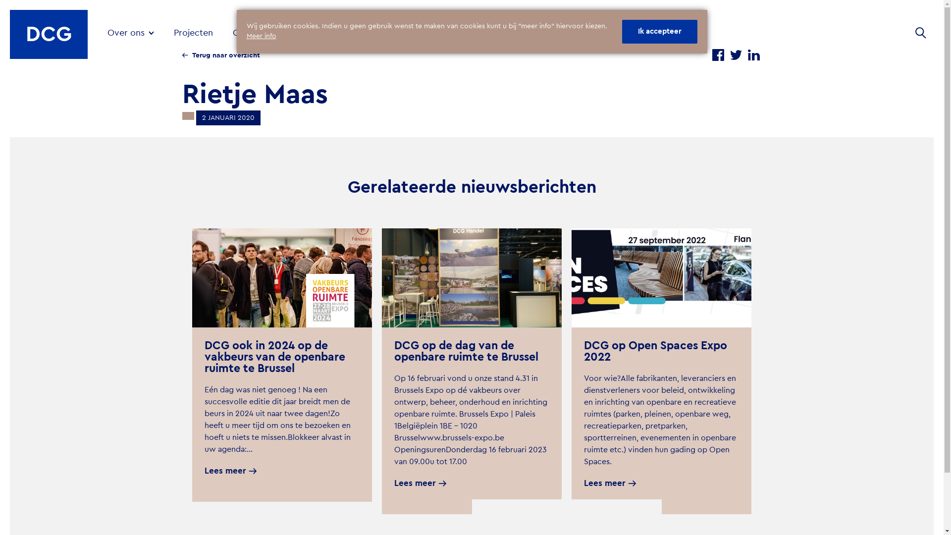 This screenshot has width=951, height=535. Describe the element at coordinates (659, 31) in the screenshot. I see `'Ik accepteer'` at that location.